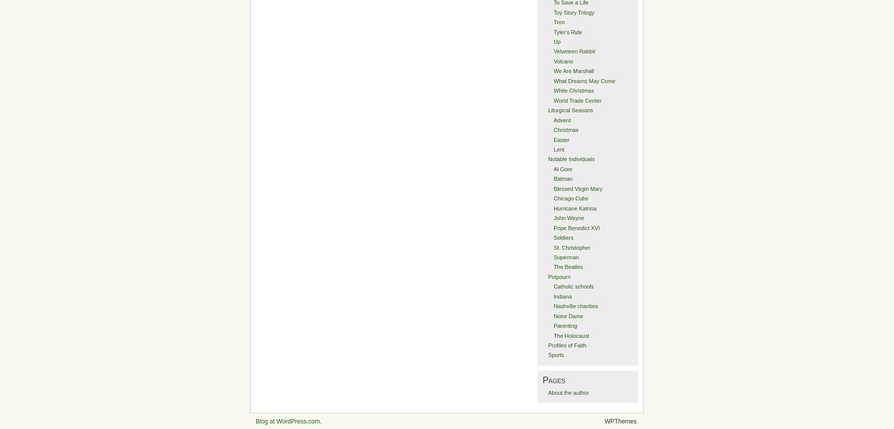 This screenshot has height=429, width=894. I want to click on 'Christmas', so click(566, 129).